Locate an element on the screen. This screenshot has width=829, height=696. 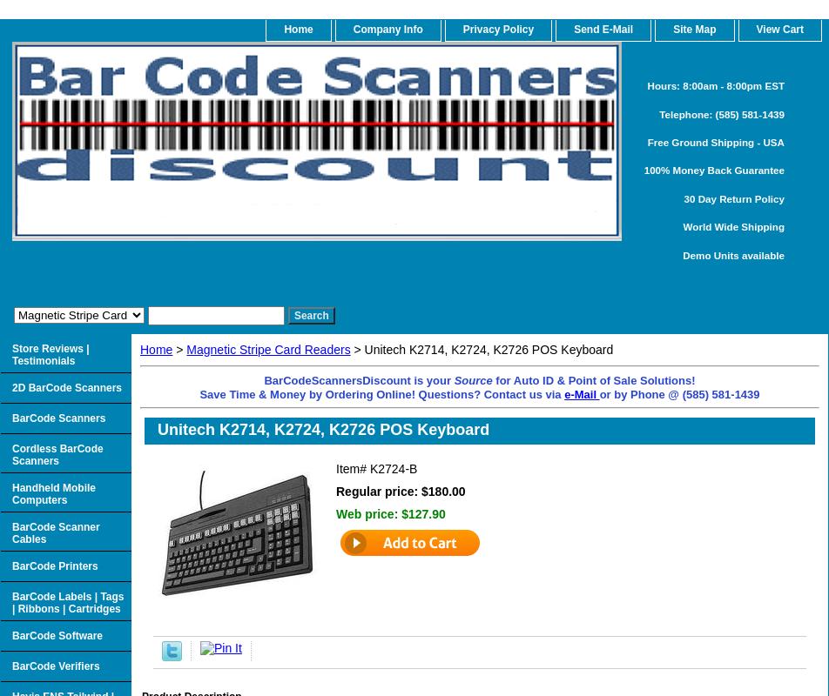
'Store Reviews | Testimonials' is located at coordinates (50, 354).